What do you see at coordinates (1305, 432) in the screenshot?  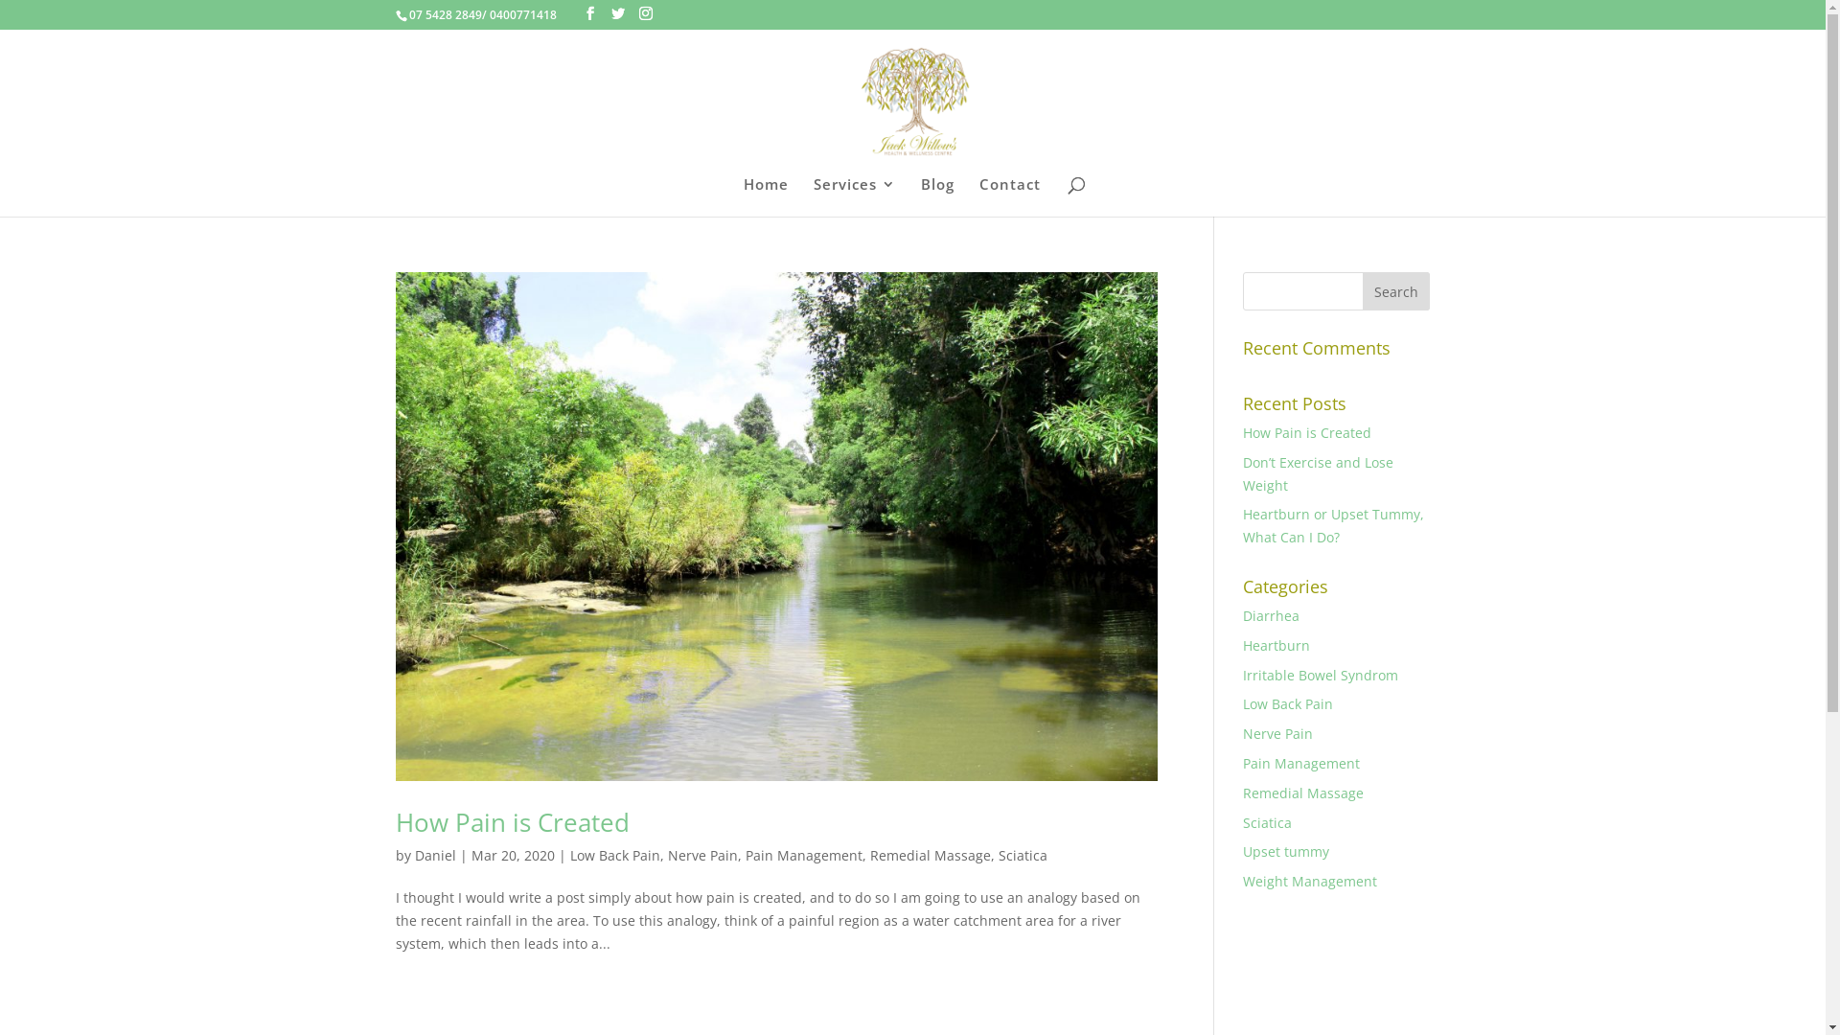 I see `'How Pain is Created'` at bounding box center [1305, 432].